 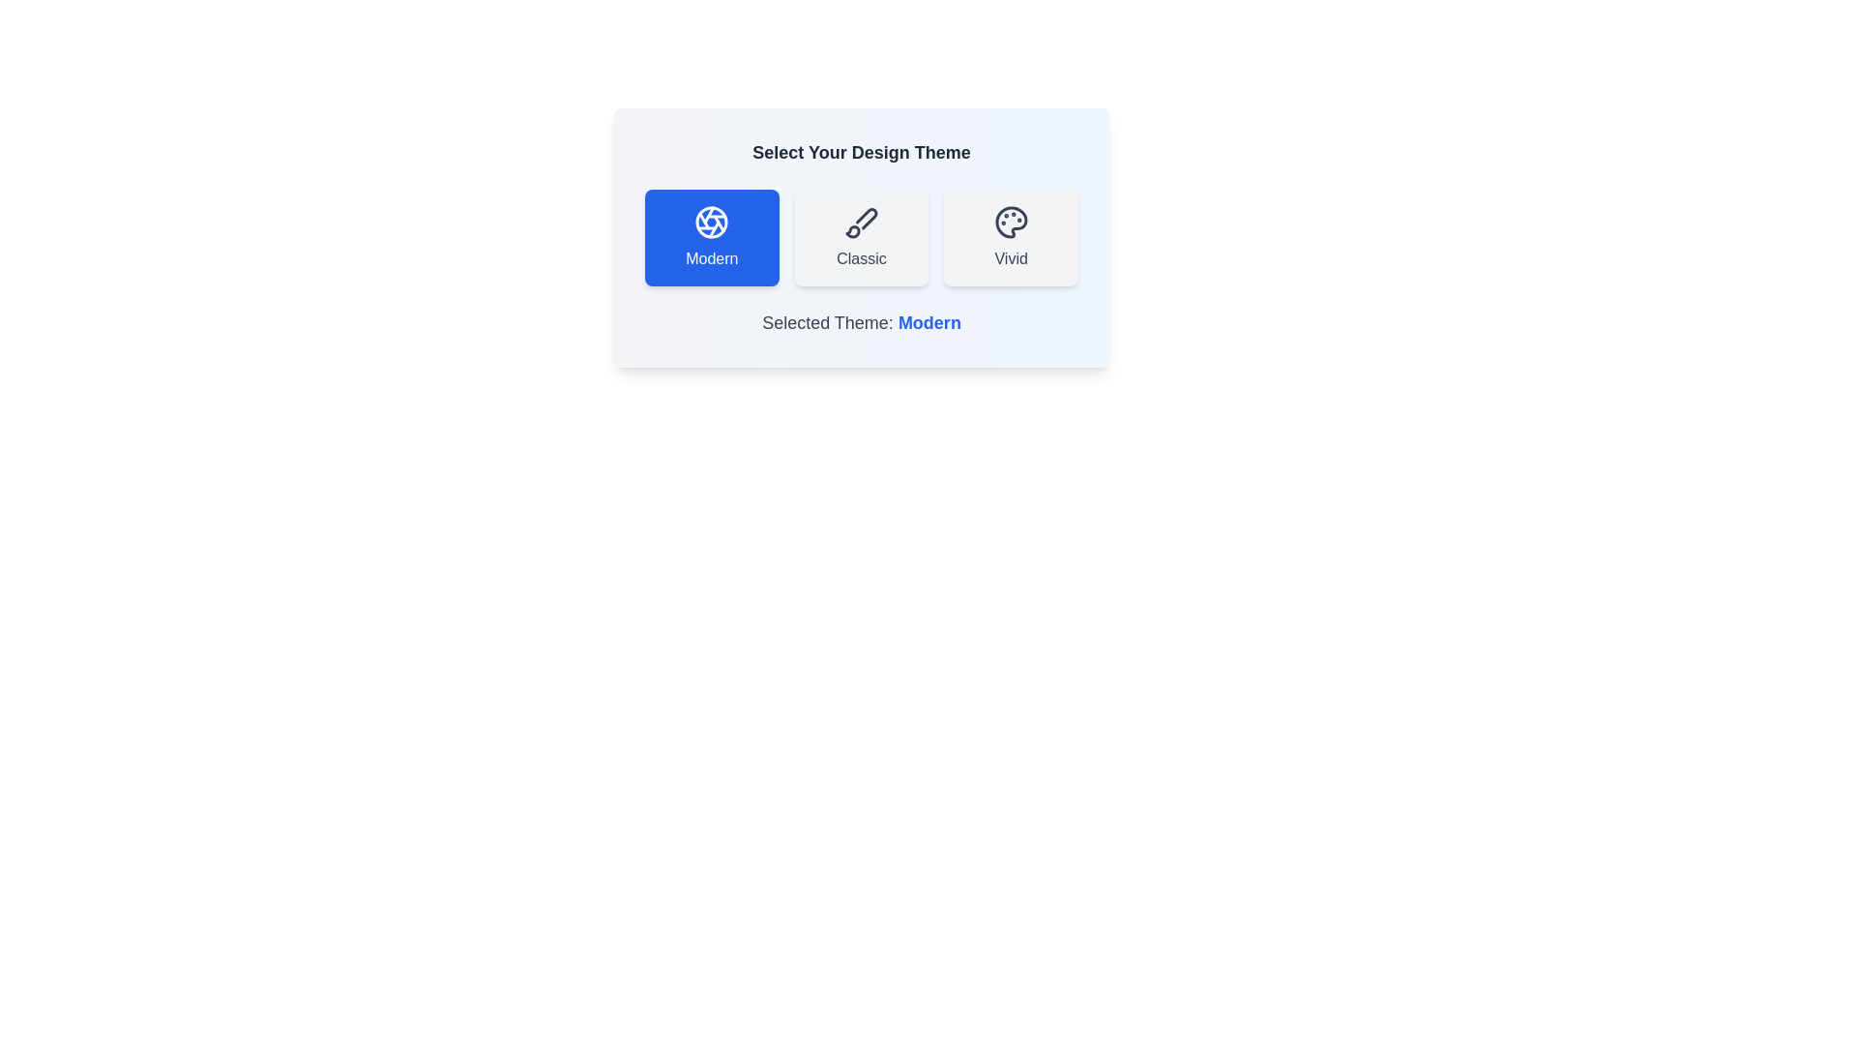 I want to click on the theme Vivid by clicking on its corresponding button, so click(x=1011, y=237).